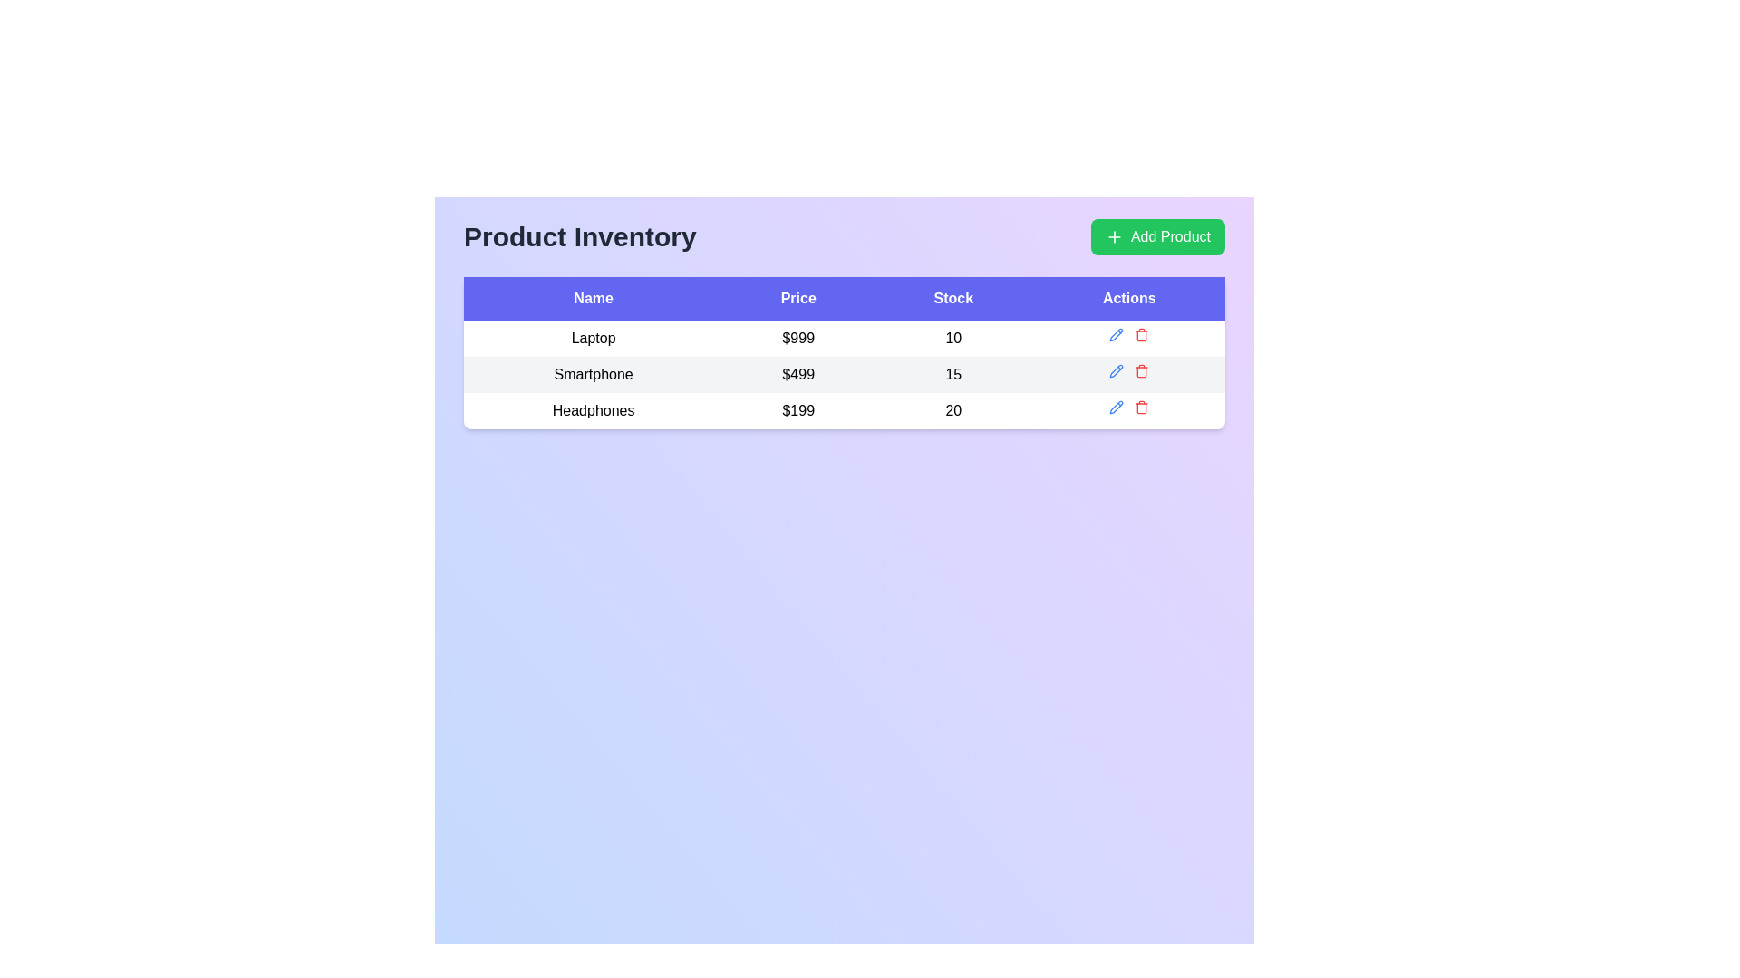  What do you see at coordinates (843, 339) in the screenshot?
I see `the first row of the inventory table` at bounding box center [843, 339].